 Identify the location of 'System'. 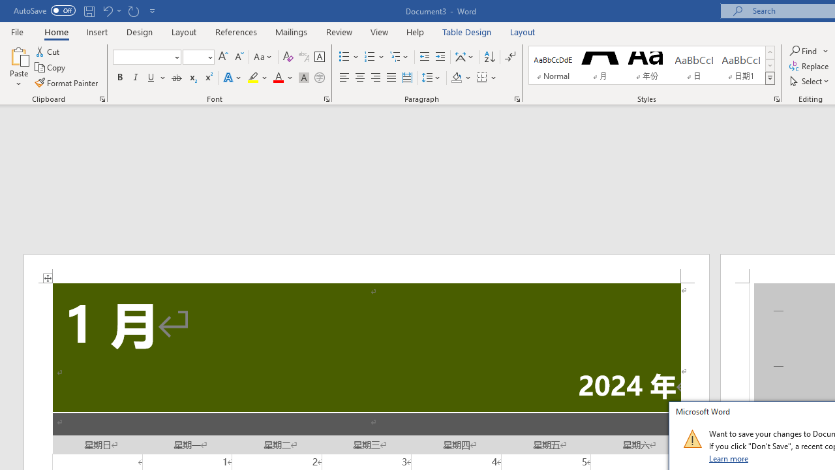
(7, 7).